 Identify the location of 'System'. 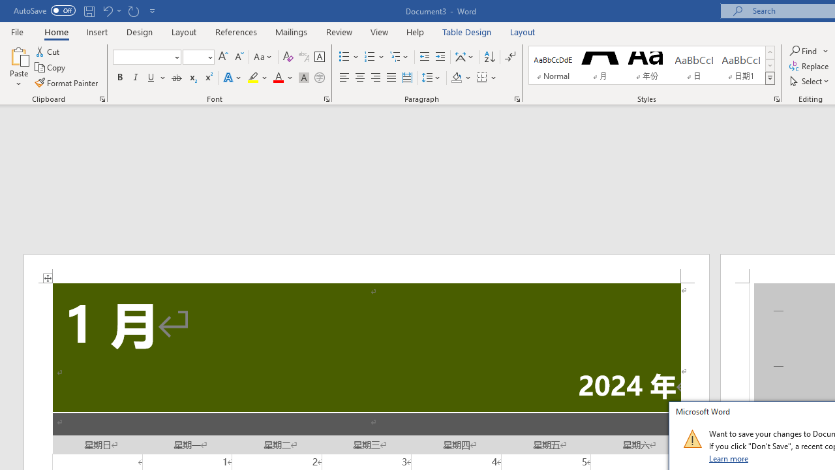
(7, 7).